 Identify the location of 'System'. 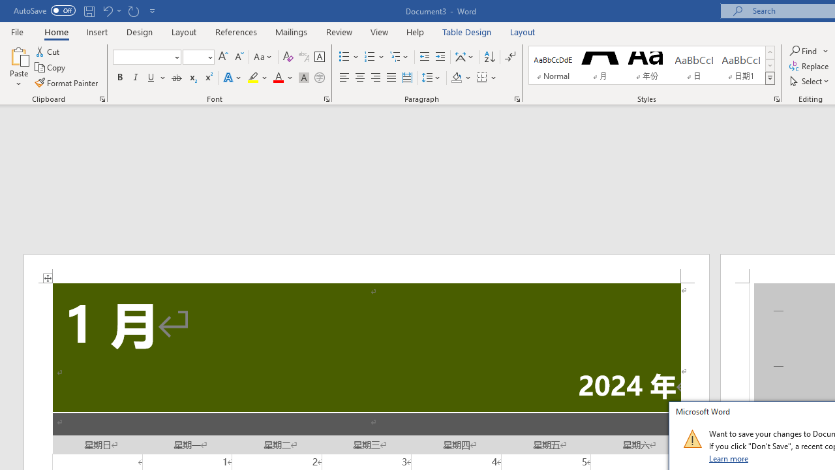
(7, 7).